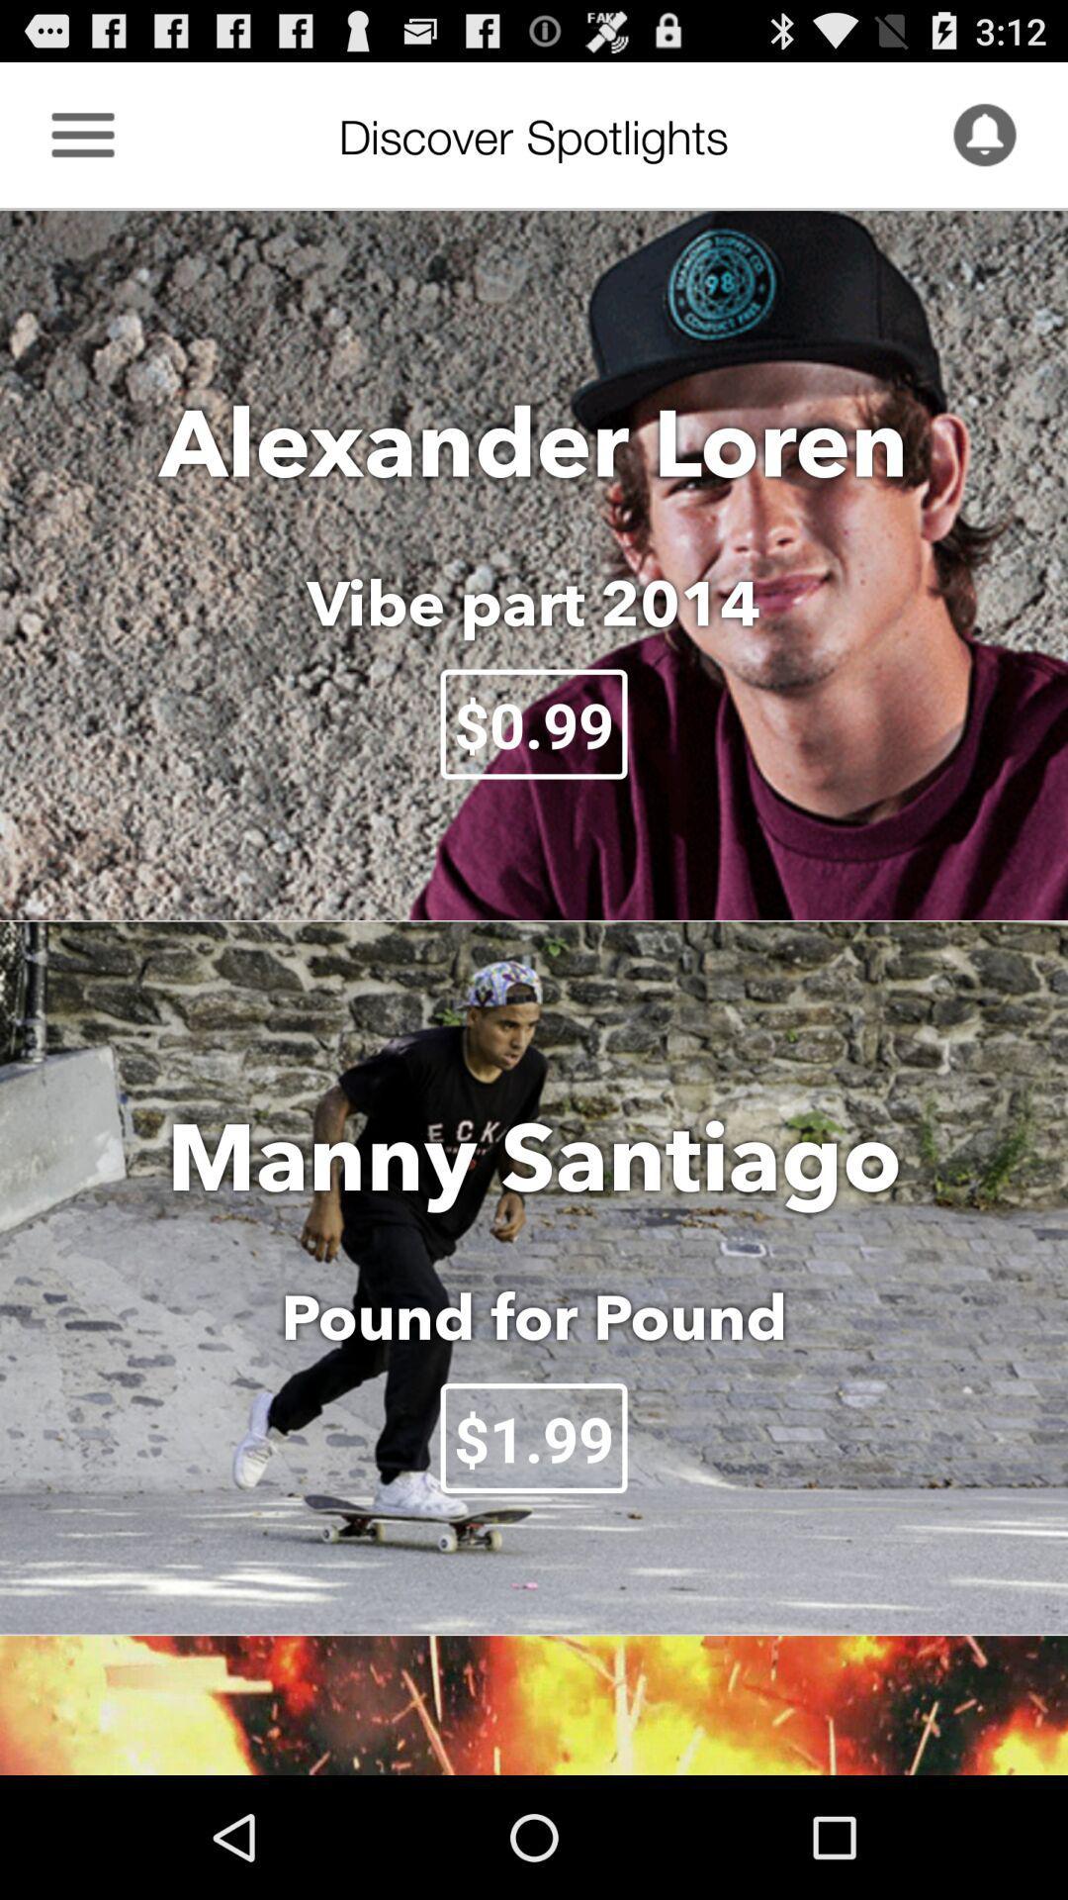 The image size is (1068, 1900). I want to click on the vibe part 2014, so click(534, 602).